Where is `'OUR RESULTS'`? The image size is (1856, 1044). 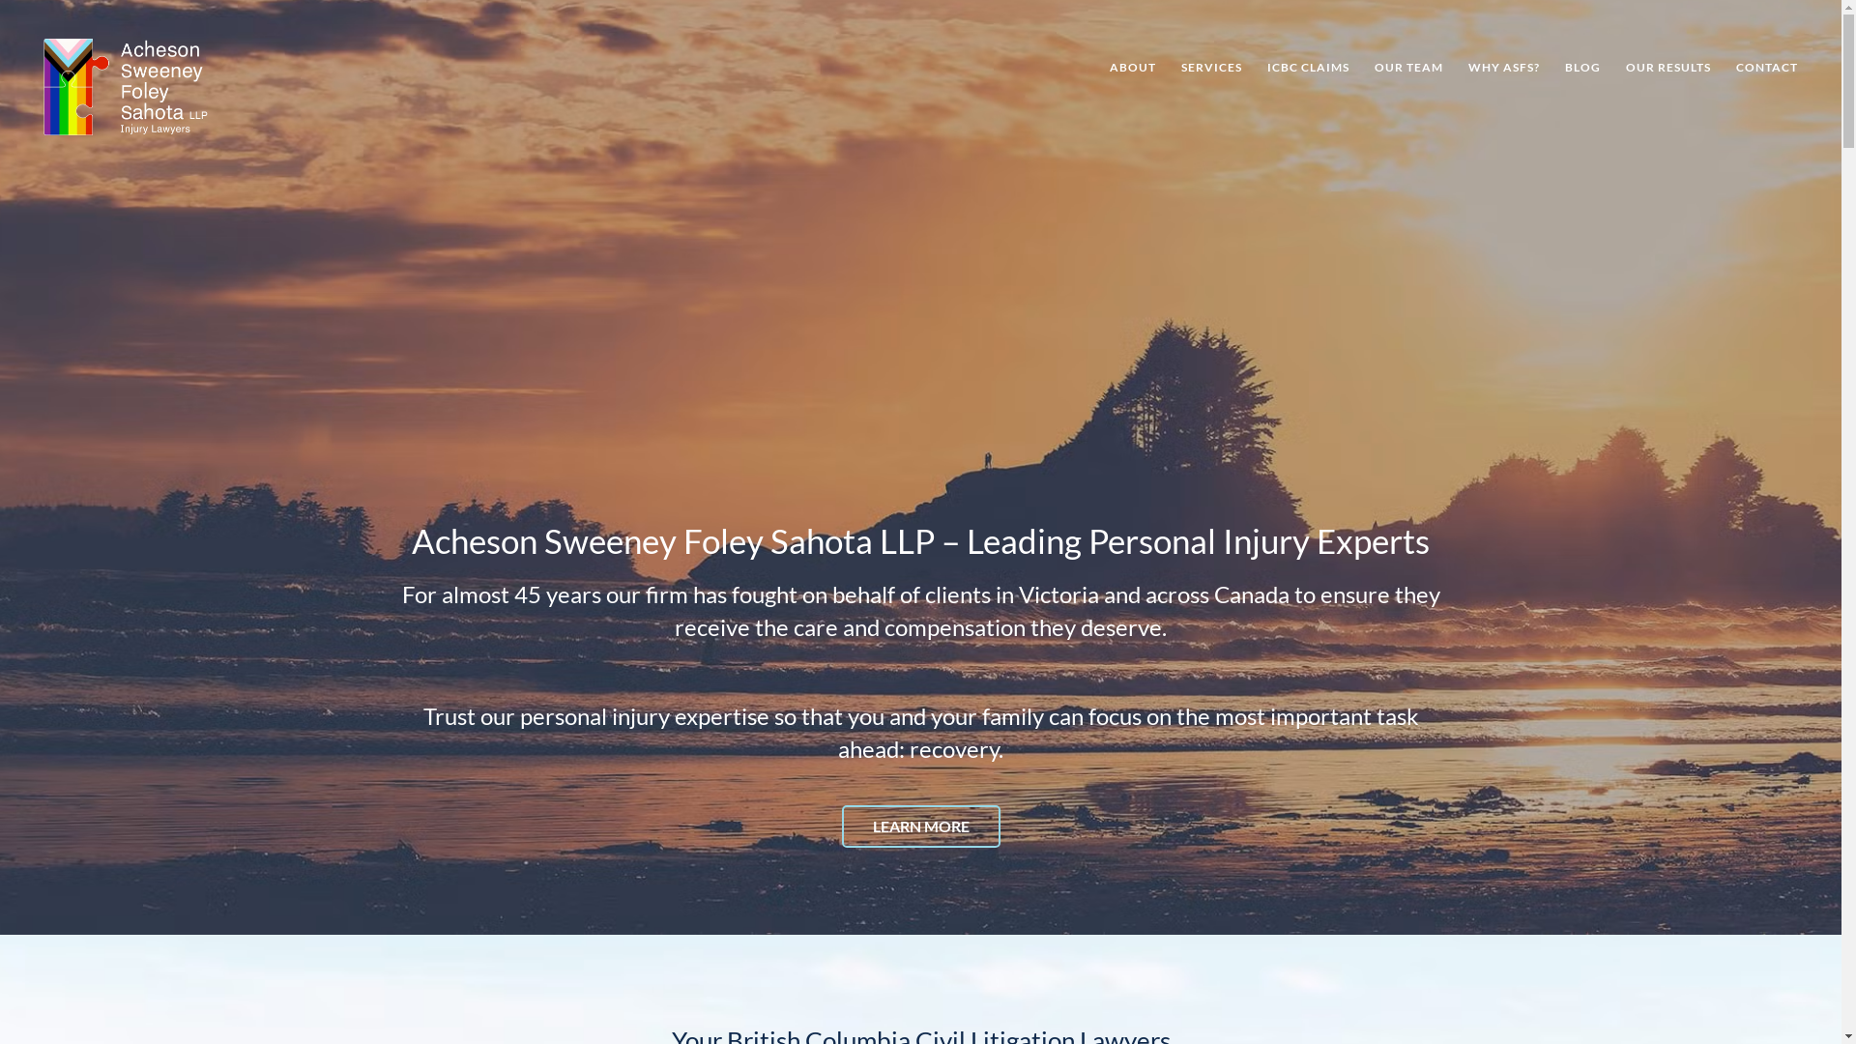
'OUR RESULTS' is located at coordinates (1613, 66).